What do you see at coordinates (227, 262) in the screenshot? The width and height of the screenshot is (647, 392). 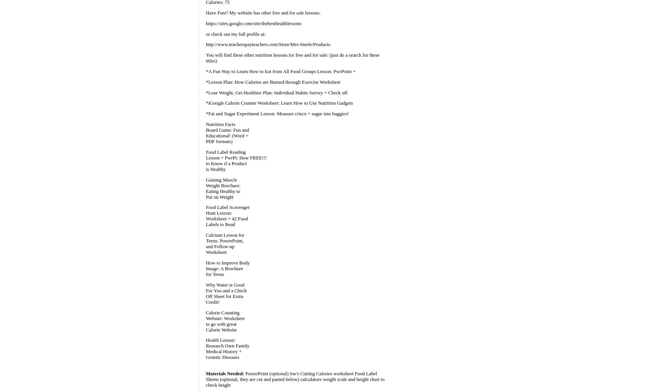 I see `'How to Improve Body'` at bounding box center [227, 262].